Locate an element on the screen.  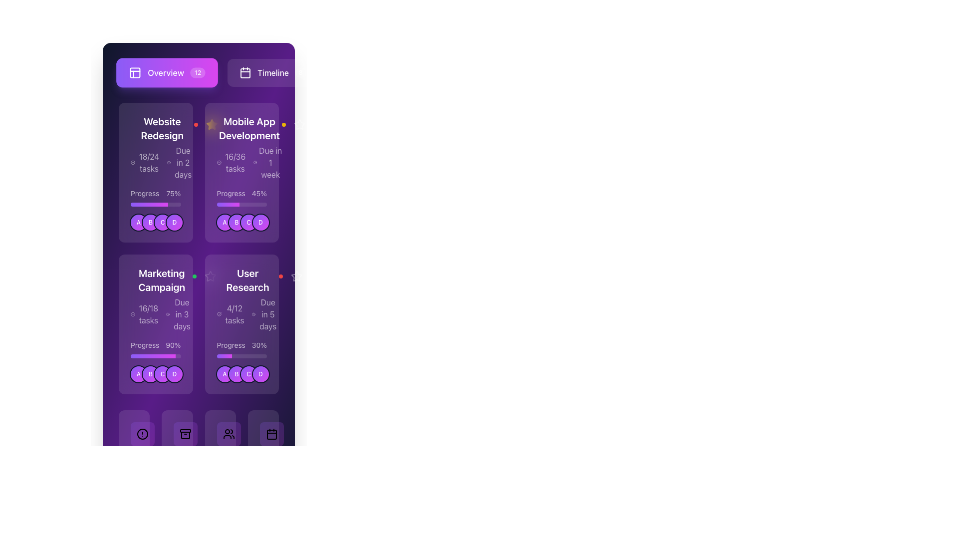
the circular Icon Group located at the bottom section of the 'Mobile App Development' card, underneath the 45% progress bar is located at coordinates (241, 222).